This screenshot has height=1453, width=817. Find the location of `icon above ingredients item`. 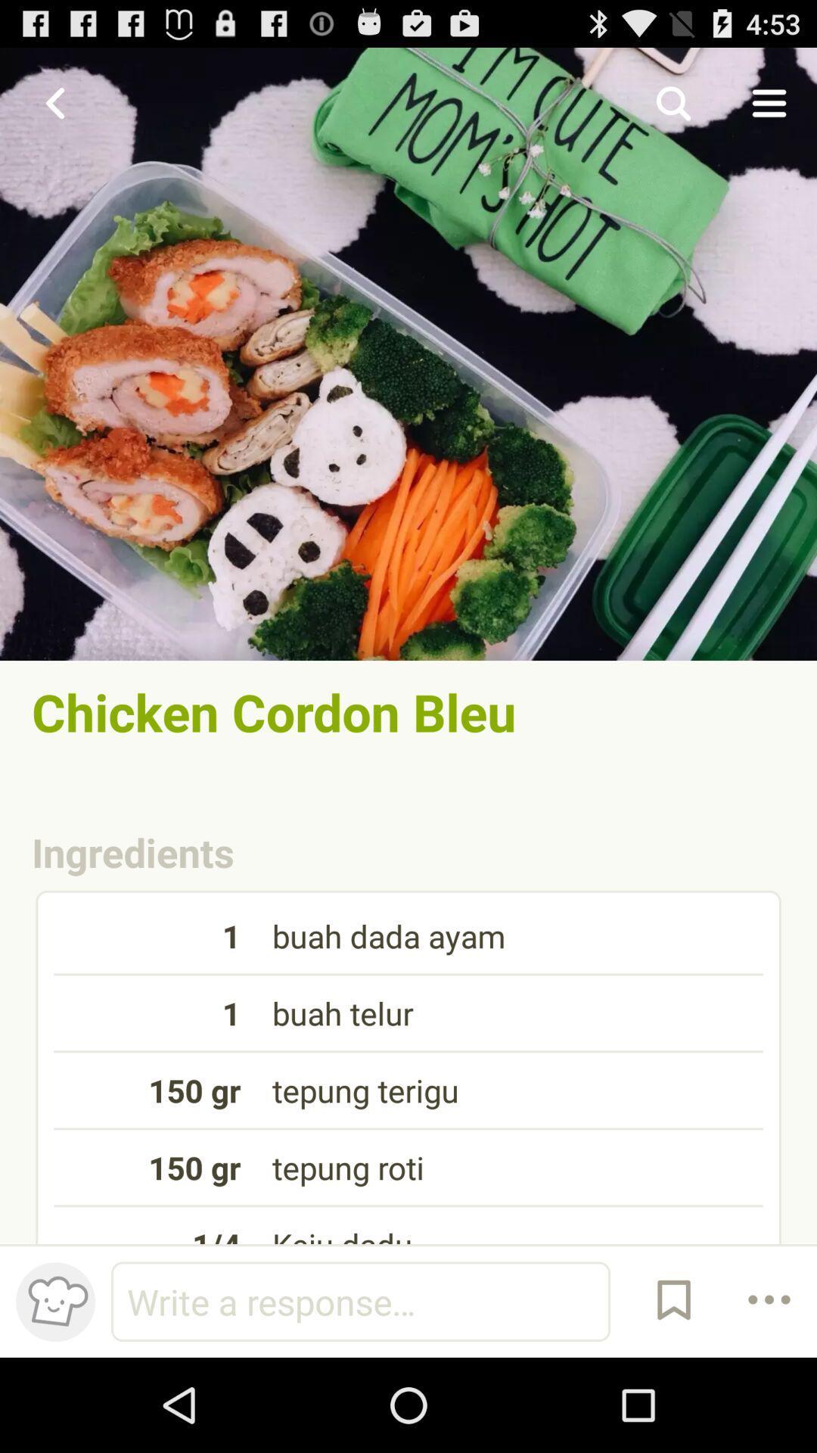

icon above ingredients item is located at coordinates (408, 711).